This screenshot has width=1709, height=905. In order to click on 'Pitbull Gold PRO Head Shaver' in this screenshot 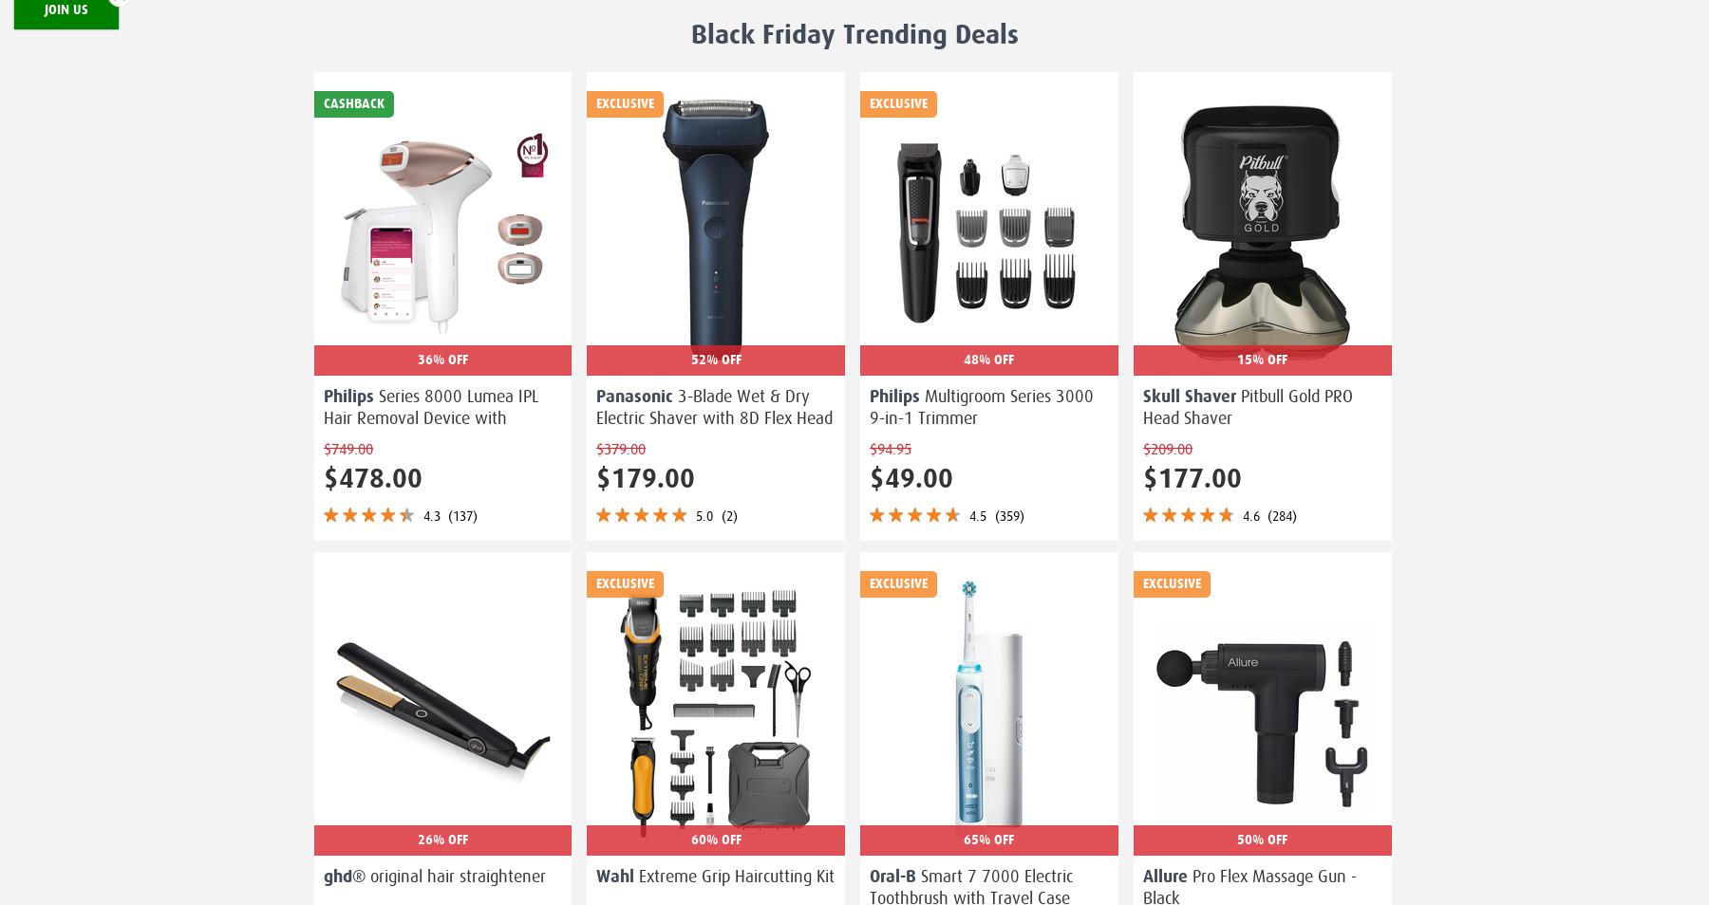, I will do `click(1247, 407)`.